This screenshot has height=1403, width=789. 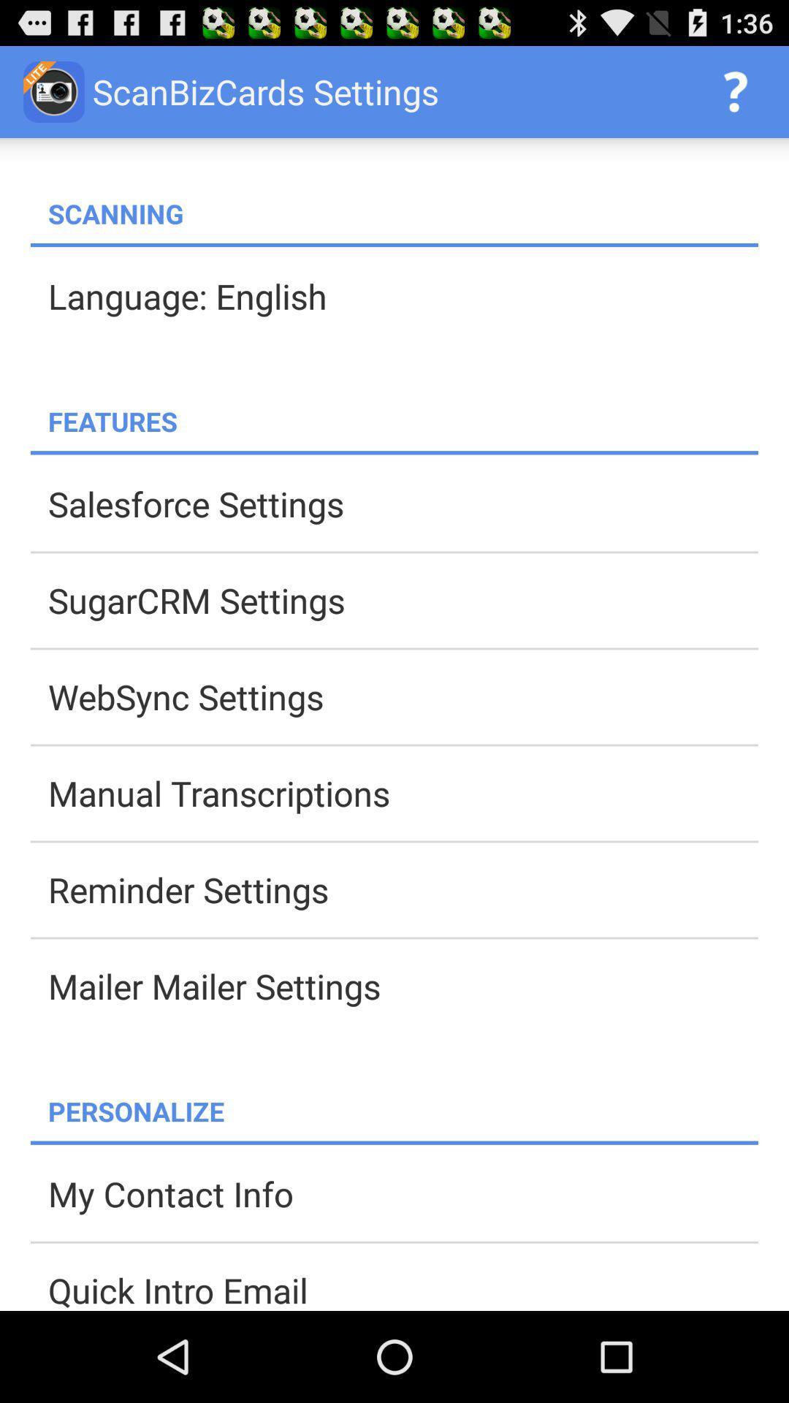 I want to click on the icon above features app, so click(x=403, y=295).